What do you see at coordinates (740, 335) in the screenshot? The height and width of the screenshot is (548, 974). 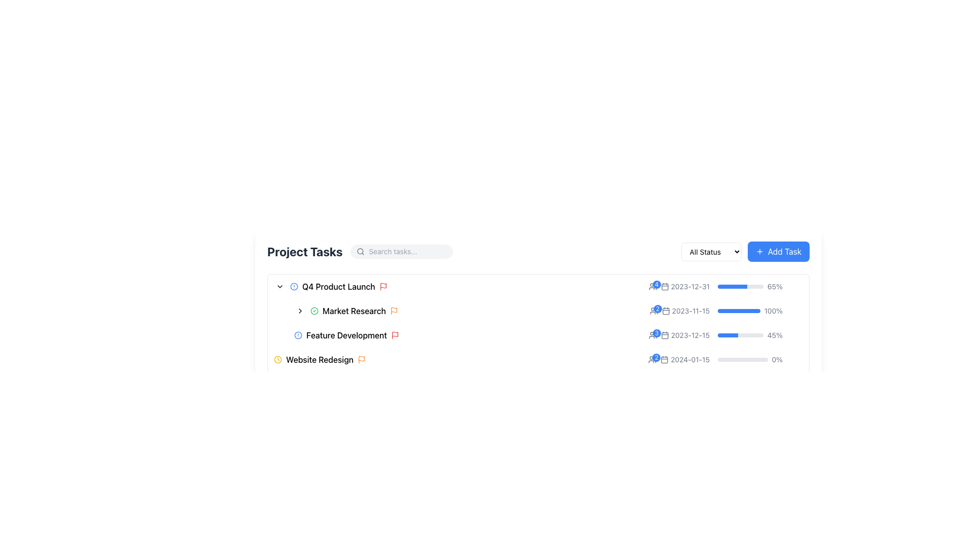 I see `the completion percentage of the progress bar, which is a horizontal bar with a light gray background and a blue filled portion indicating progress, located in the task list for the date 2023-12-15 as the third item` at bounding box center [740, 335].